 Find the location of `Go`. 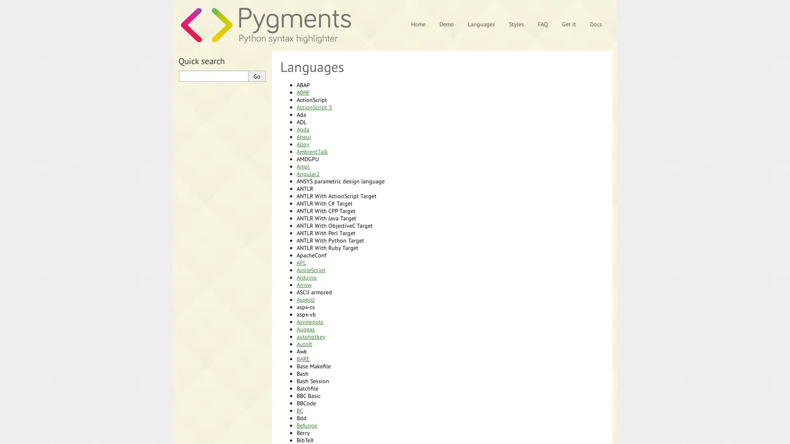

Go is located at coordinates (256, 76).